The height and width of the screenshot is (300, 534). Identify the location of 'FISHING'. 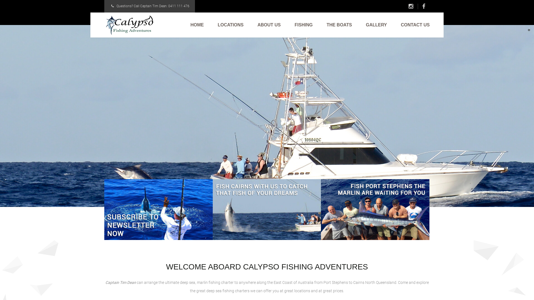
(303, 24).